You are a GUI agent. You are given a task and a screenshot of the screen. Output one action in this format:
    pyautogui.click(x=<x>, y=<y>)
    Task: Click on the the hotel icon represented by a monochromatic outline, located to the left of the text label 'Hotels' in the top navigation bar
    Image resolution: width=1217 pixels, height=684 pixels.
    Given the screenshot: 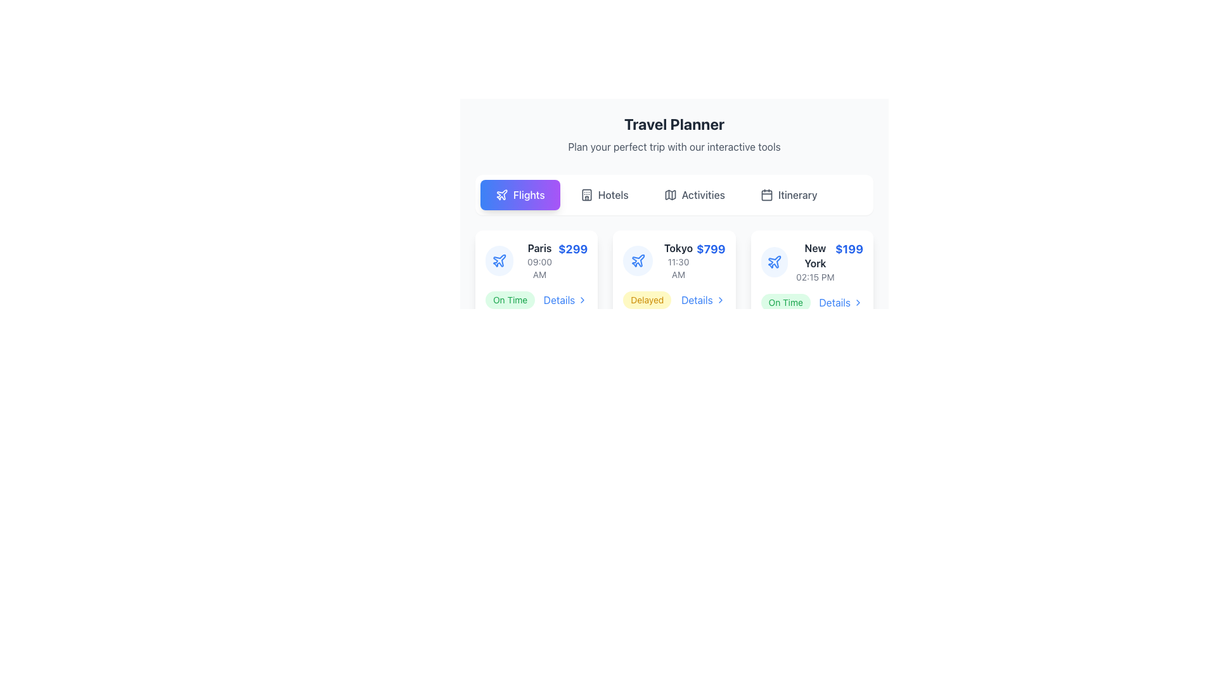 What is the action you would take?
    pyautogui.click(x=586, y=195)
    